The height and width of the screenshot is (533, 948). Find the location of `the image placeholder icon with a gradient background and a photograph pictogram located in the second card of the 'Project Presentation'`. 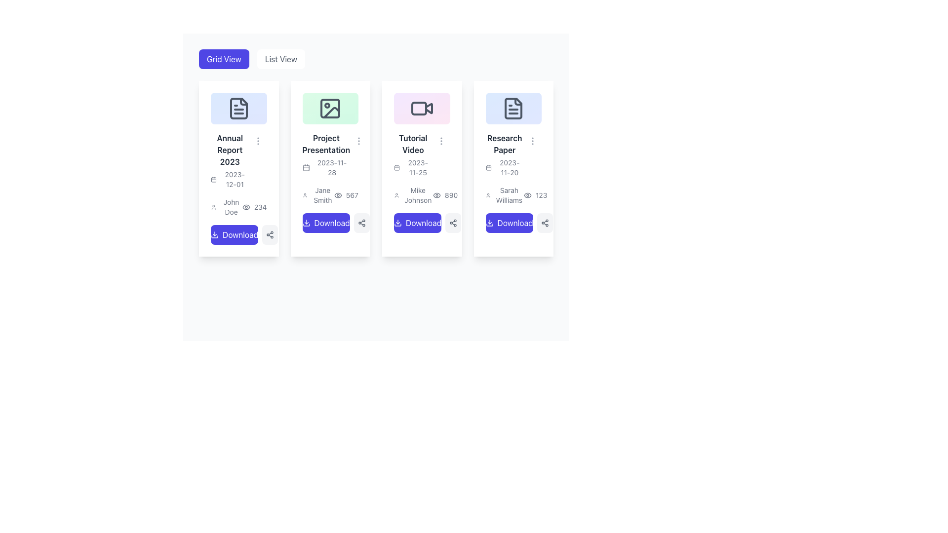

the image placeholder icon with a gradient background and a photograph pictogram located in the second card of the 'Project Presentation' is located at coordinates (330, 108).